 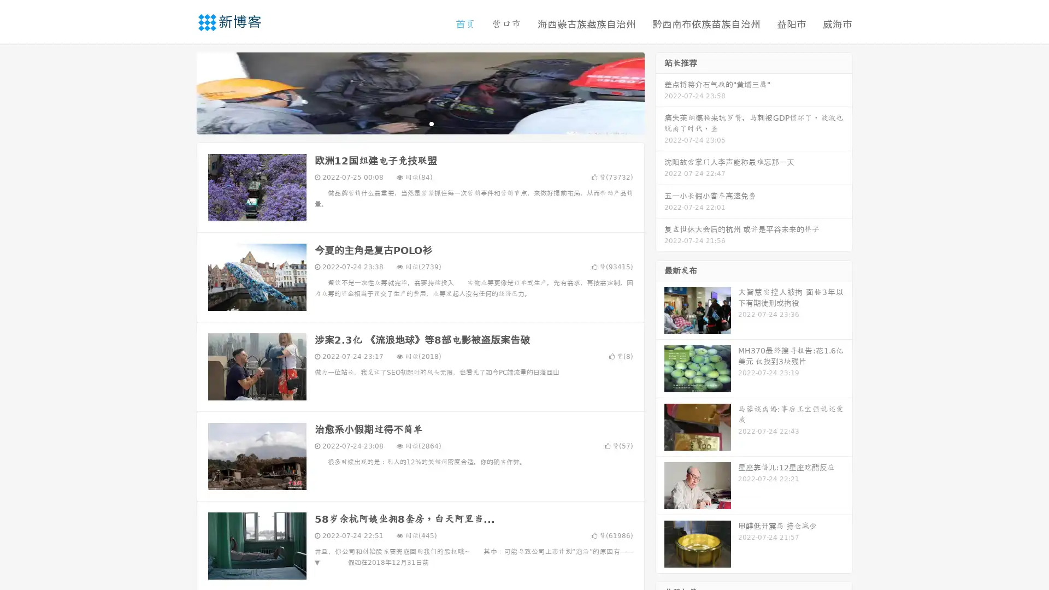 I want to click on Go to slide 3, so click(x=431, y=123).